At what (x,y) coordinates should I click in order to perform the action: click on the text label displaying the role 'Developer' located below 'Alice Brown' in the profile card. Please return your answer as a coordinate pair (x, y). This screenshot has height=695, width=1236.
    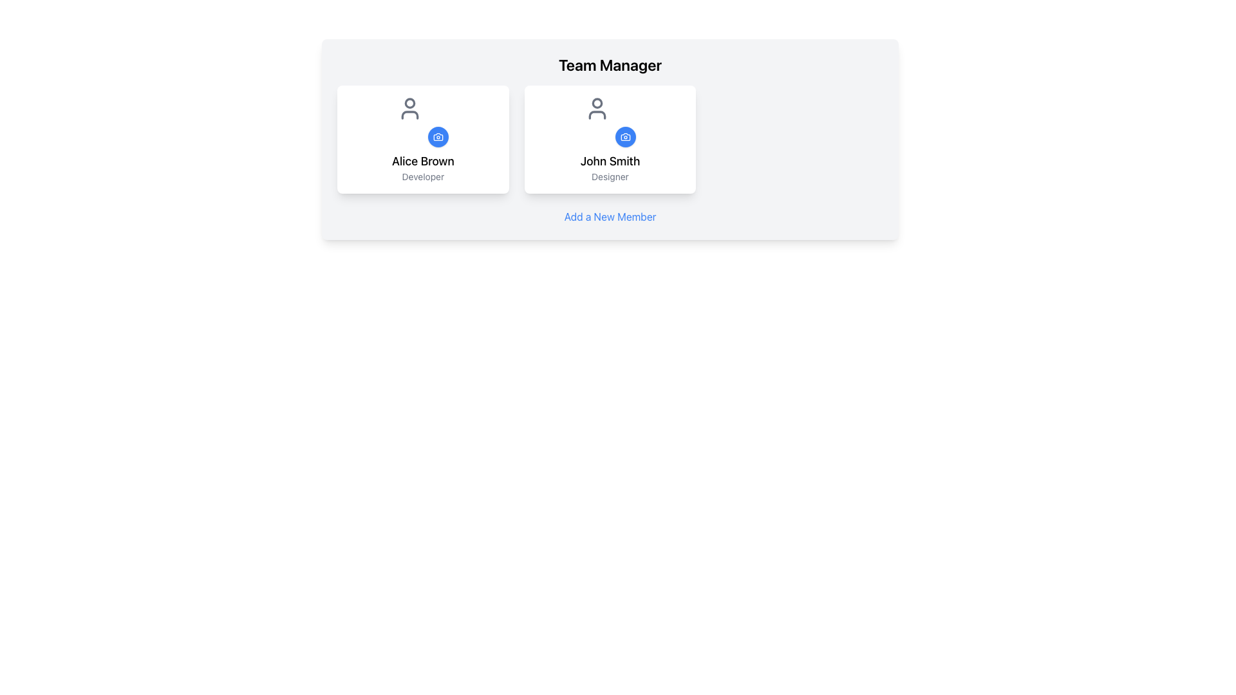
    Looking at the image, I should click on (423, 176).